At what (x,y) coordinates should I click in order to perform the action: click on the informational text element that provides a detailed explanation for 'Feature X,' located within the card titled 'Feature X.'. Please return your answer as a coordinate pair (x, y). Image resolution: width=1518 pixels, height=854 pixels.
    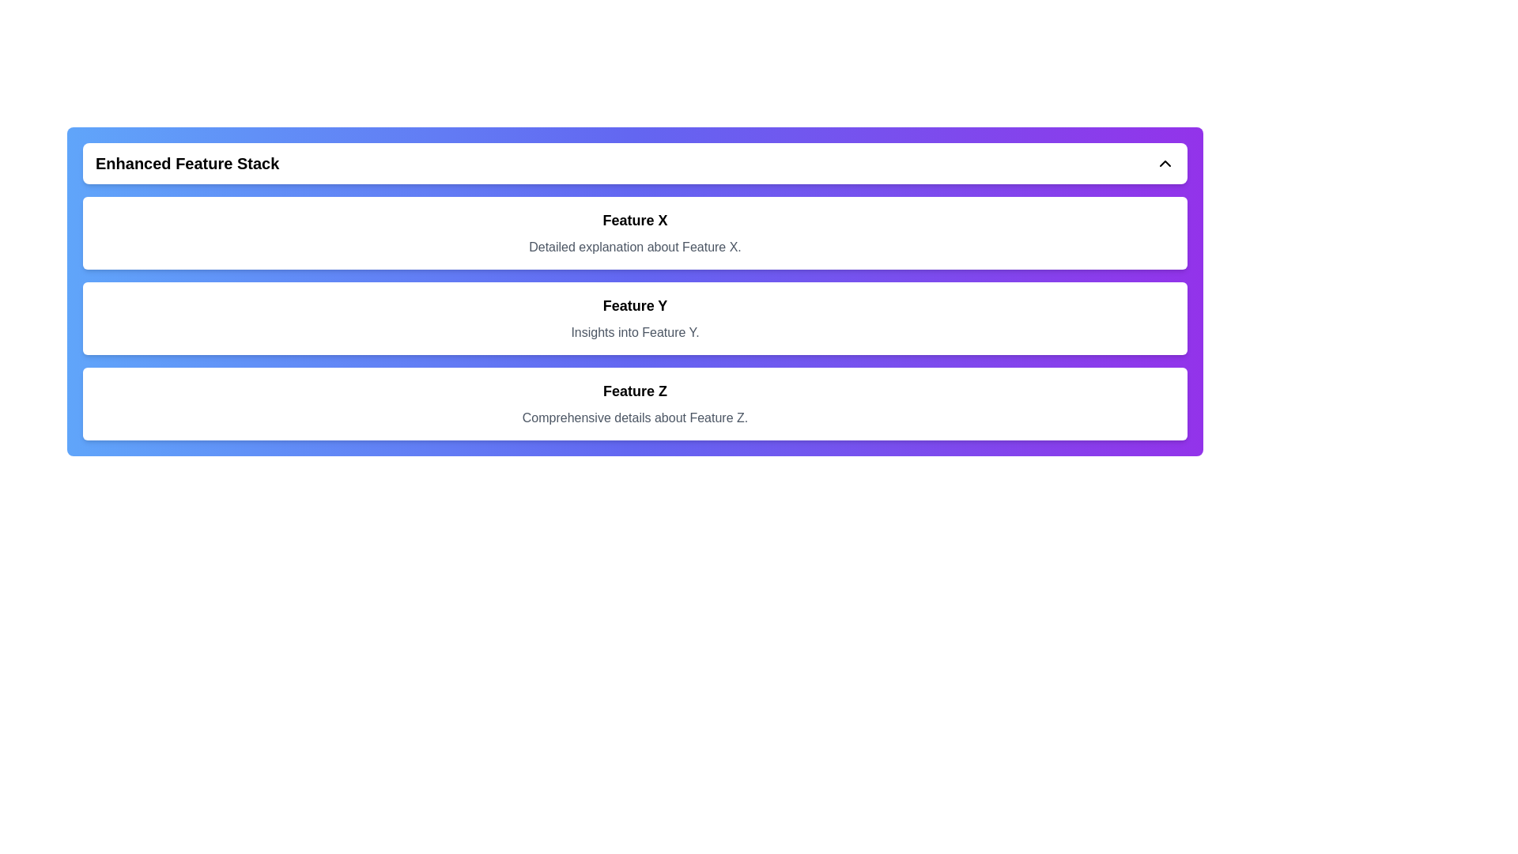
    Looking at the image, I should click on (635, 247).